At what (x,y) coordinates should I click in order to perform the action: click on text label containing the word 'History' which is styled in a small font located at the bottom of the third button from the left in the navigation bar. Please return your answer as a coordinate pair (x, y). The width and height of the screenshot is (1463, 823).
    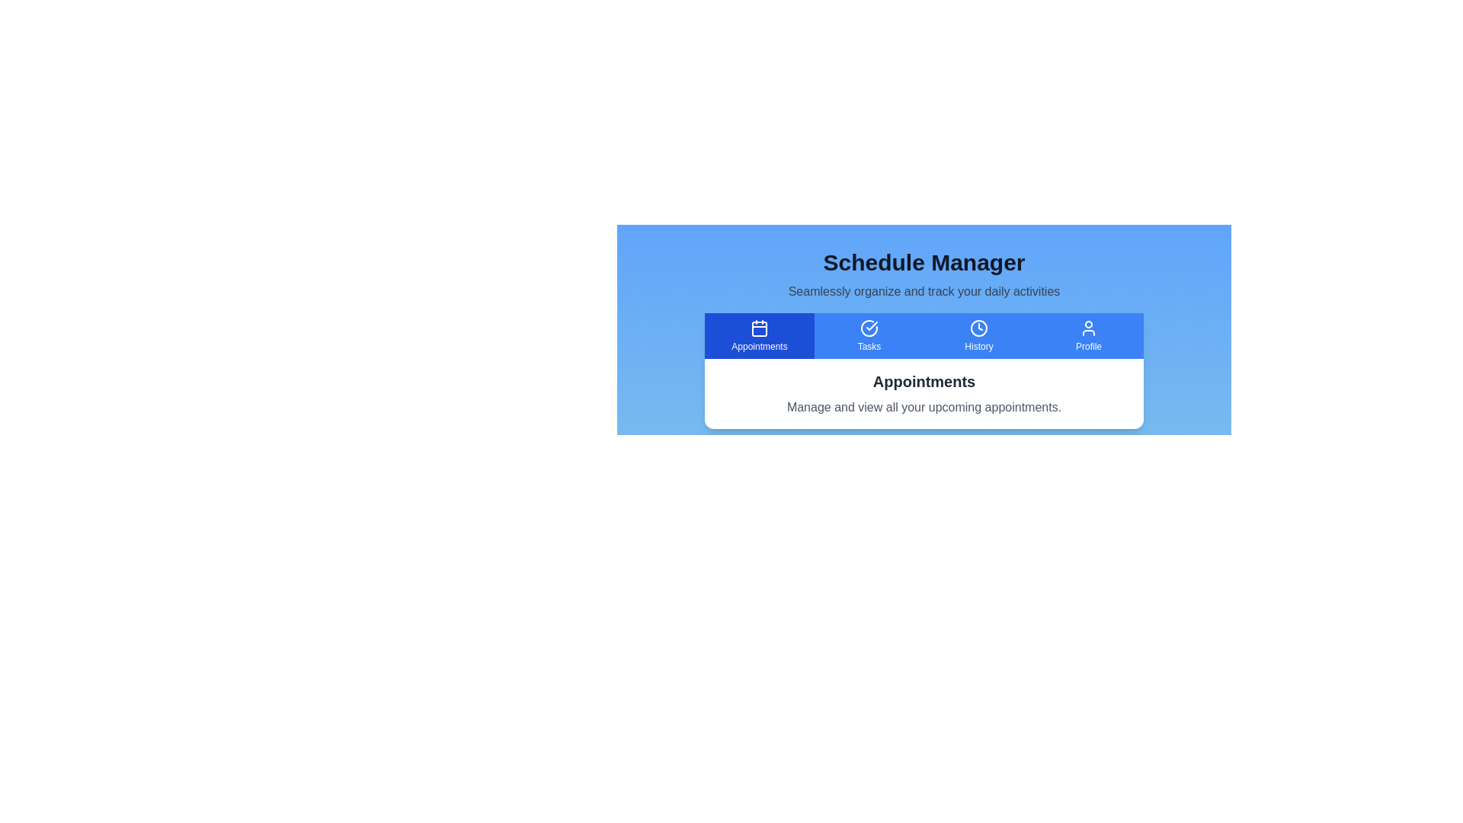
    Looking at the image, I should click on (979, 347).